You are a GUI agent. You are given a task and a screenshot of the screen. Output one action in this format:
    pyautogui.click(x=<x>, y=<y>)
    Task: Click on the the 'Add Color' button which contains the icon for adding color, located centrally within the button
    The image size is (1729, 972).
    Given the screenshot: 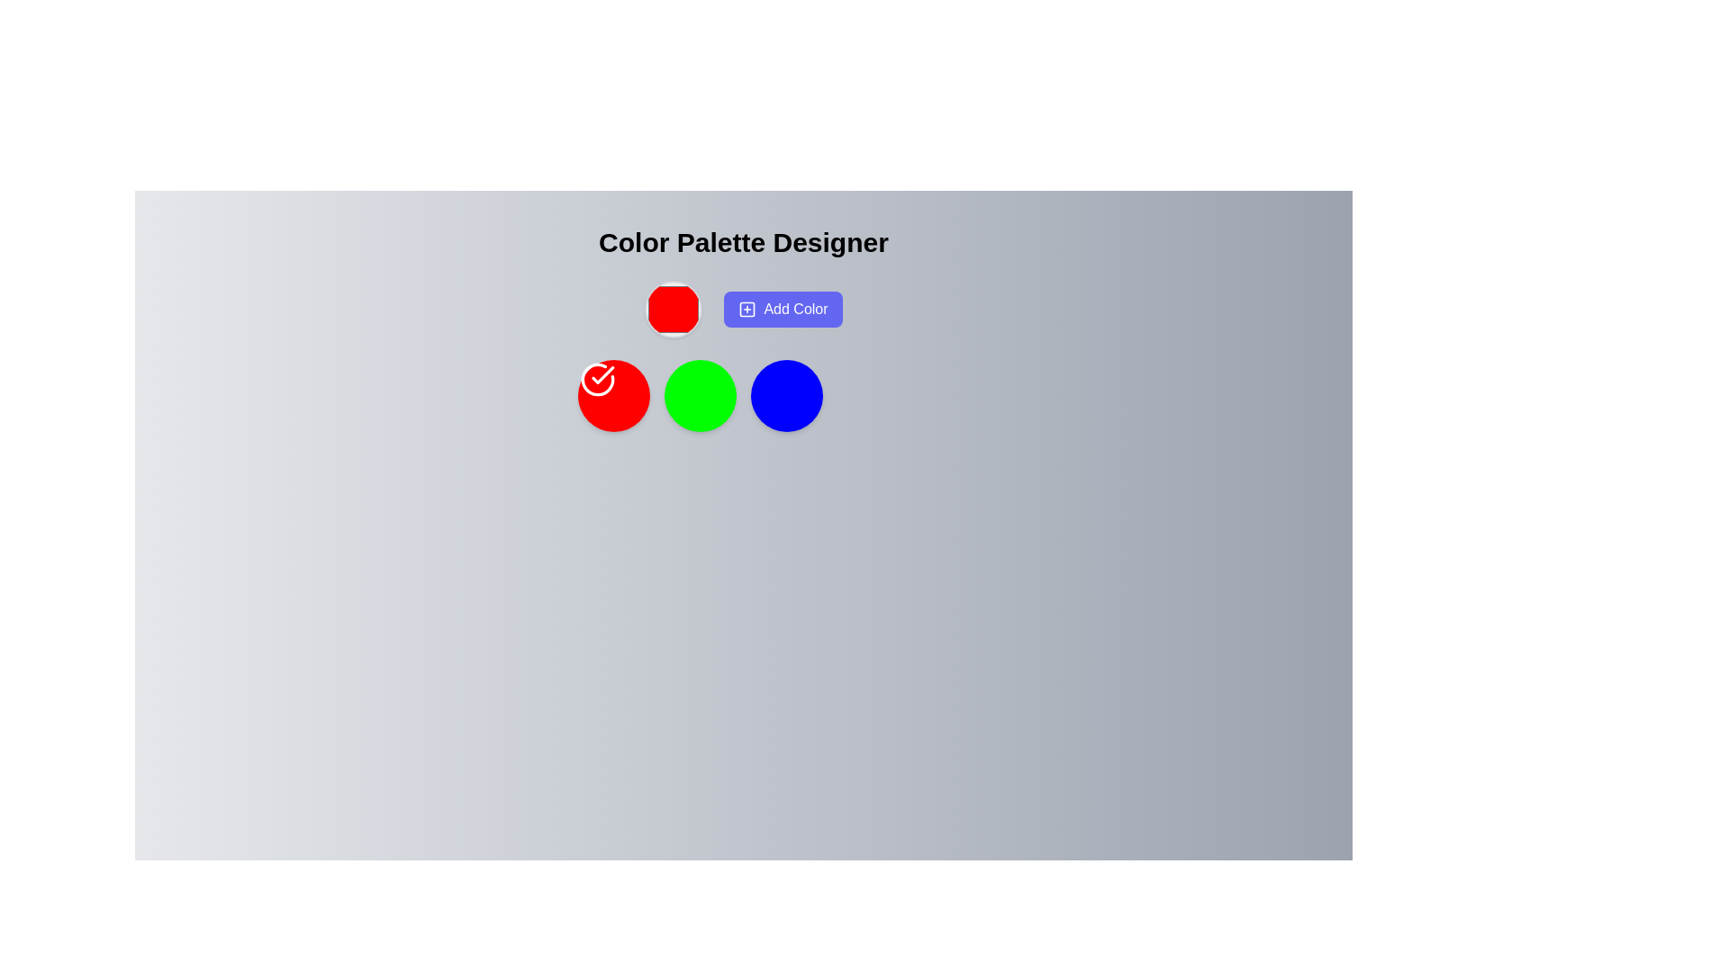 What is the action you would take?
    pyautogui.click(x=747, y=308)
    